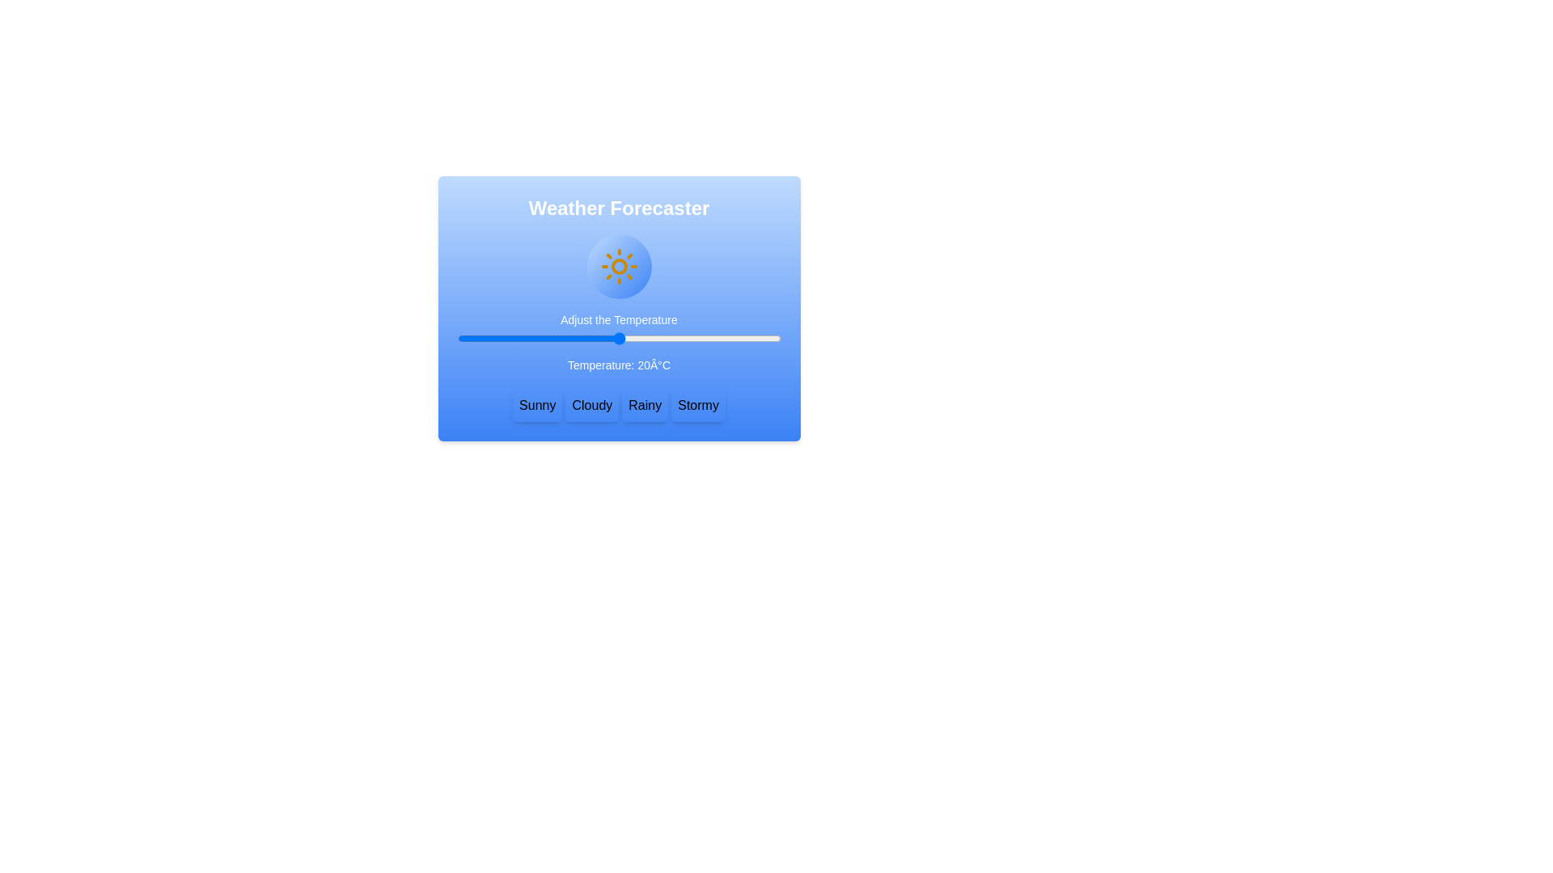 The width and height of the screenshot is (1553, 873). Describe the element at coordinates (698, 404) in the screenshot. I see `button labeled Stormy to set the weather type` at that location.